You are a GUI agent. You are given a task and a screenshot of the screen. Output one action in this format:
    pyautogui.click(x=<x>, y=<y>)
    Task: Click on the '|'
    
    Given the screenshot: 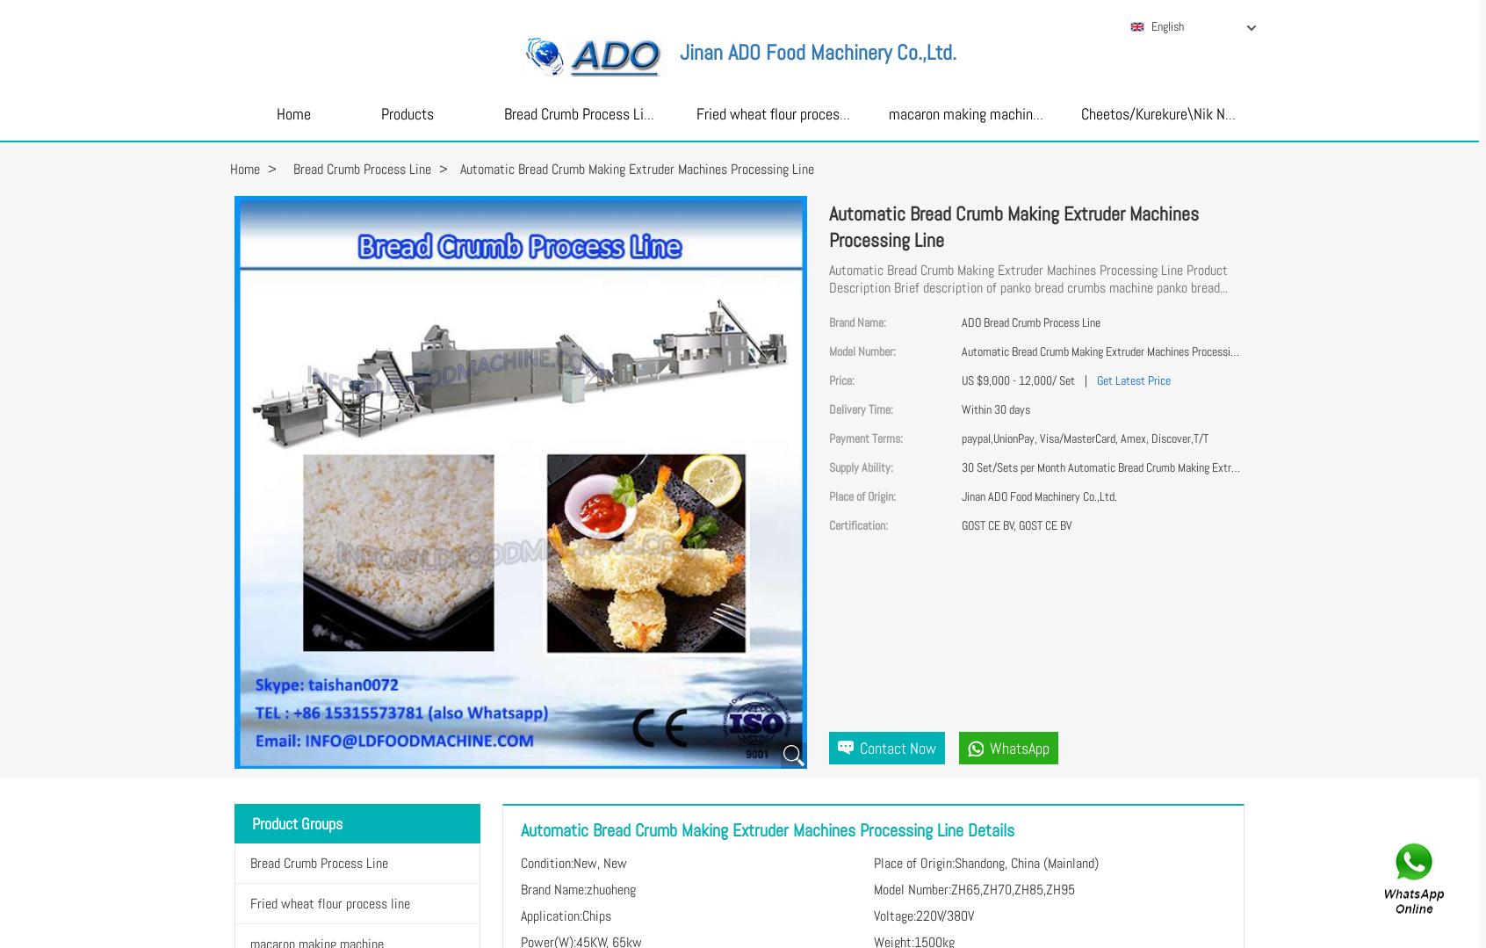 What is the action you would take?
    pyautogui.click(x=1084, y=380)
    